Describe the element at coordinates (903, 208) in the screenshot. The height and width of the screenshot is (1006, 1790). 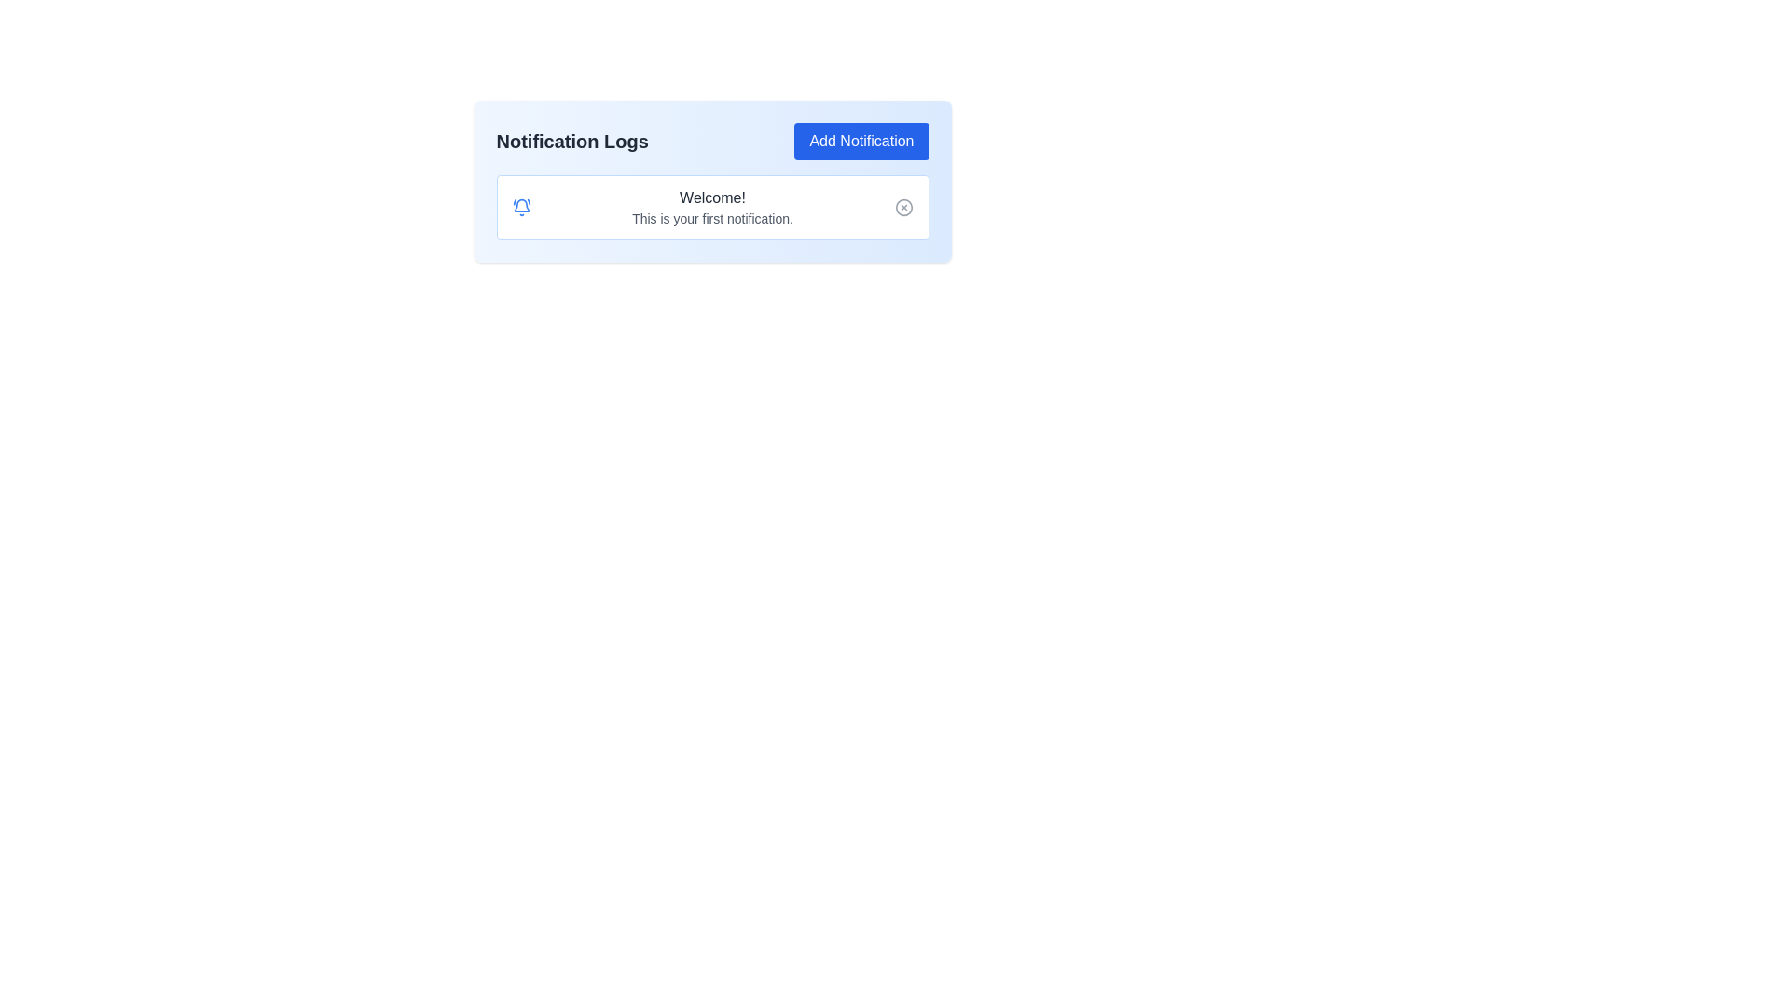
I see `the decorative SVG Circle element that is part of the 'close' icon on the right side of the notification bar displaying 'Welcome! This is your first notification.'` at that location.